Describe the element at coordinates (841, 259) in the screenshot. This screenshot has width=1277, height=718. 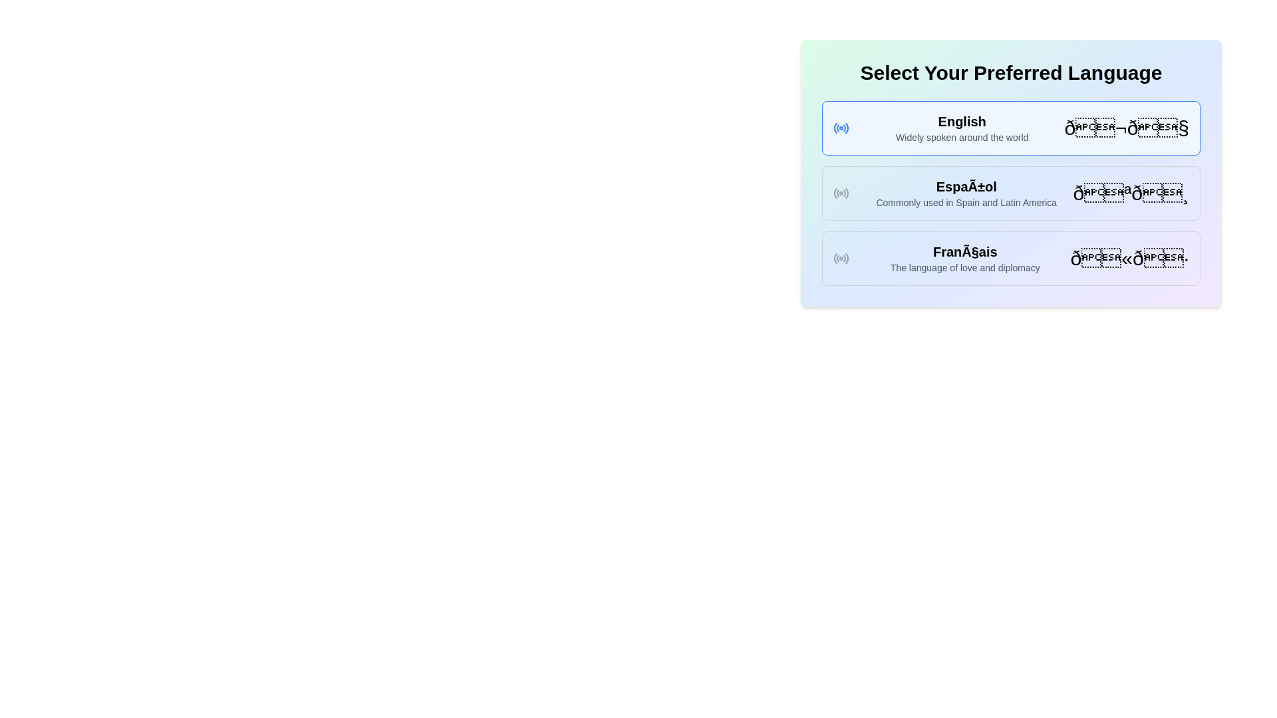
I see `the radio button icon next to the text 'Français'` at that location.